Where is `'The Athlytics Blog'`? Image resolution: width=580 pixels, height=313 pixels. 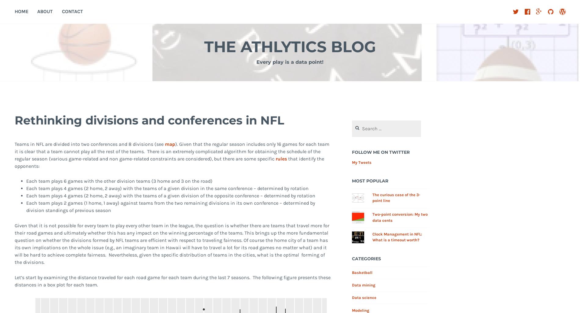
'The Athlytics Blog' is located at coordinates (204, 47).